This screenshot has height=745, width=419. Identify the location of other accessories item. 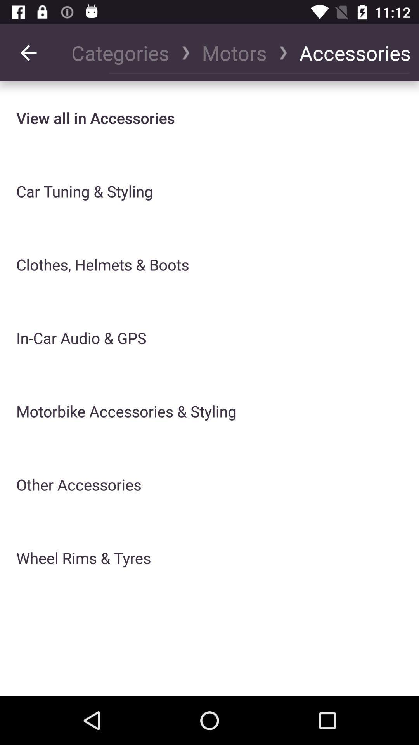
(79, 484).